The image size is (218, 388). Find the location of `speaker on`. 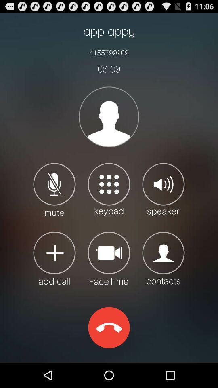

speaker on is located at coordinates (163, 189).